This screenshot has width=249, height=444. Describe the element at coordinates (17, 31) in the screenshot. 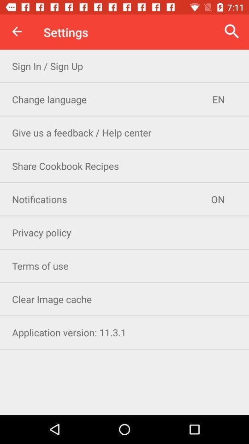

I see `item next to settings` at that location.